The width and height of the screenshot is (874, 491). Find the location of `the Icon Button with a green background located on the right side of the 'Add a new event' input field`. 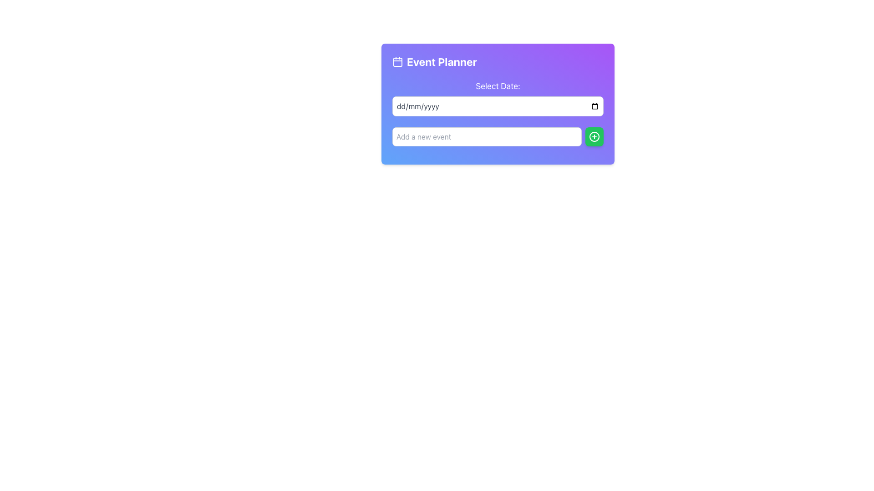

the Icon Button with a green background located on the right side of the 'Add a new event' input field is located at coordinates (594, 136).